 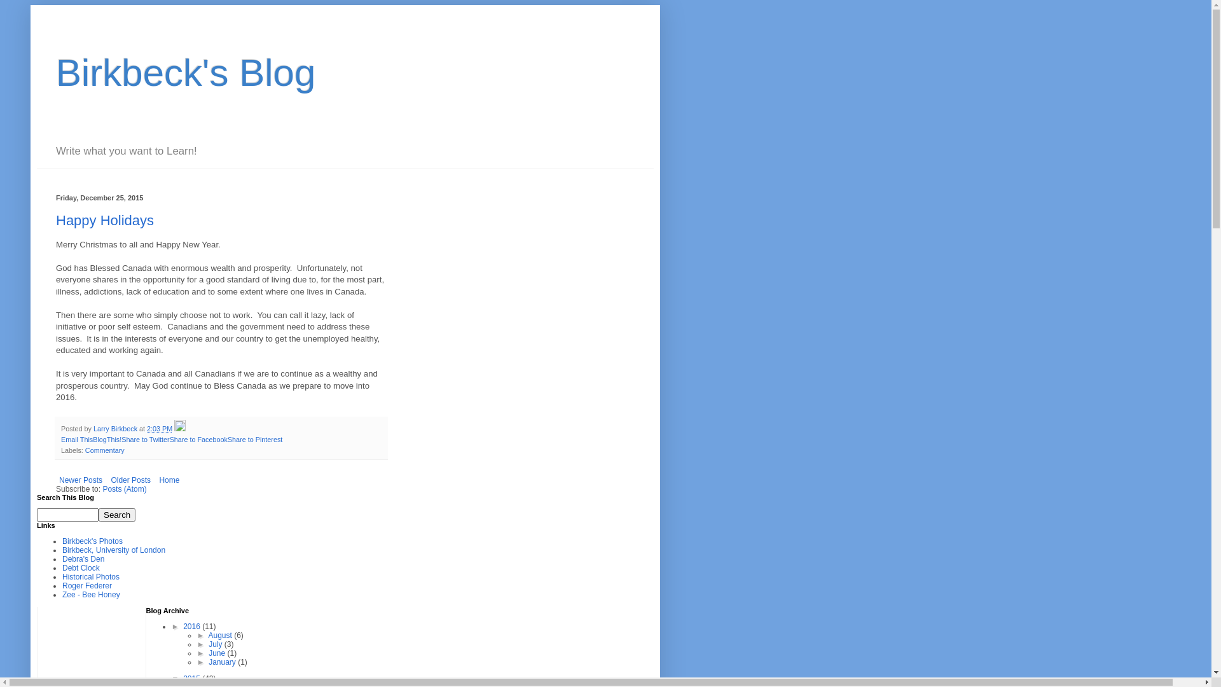 What do you see at coordinates (185, 73) in the screenshot?
I see `'Birkbeck's Blog'` at bounding box center [185, 73].